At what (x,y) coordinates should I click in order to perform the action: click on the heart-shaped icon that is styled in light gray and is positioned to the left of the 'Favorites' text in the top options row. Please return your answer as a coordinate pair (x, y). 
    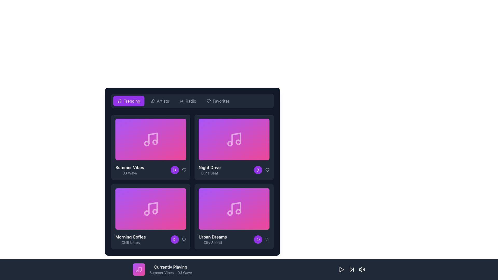
    Looking at the image, I should click on (209, 101).